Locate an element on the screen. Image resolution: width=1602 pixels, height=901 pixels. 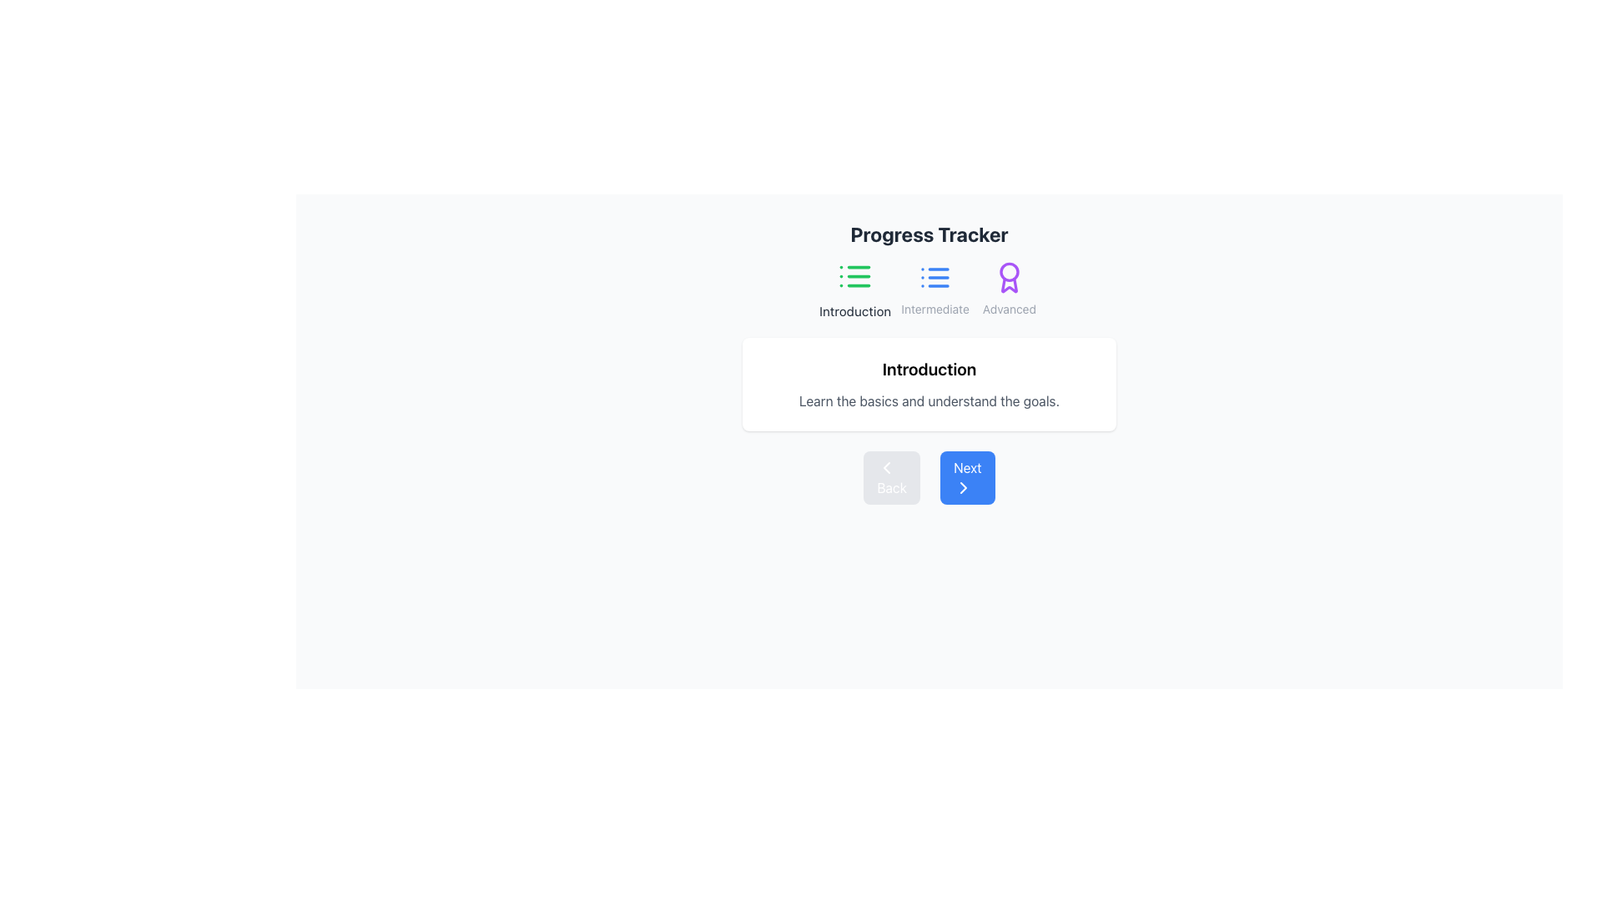
the rightward chevron arrow inside the 'Next' button is located at coordinates (964, 488).